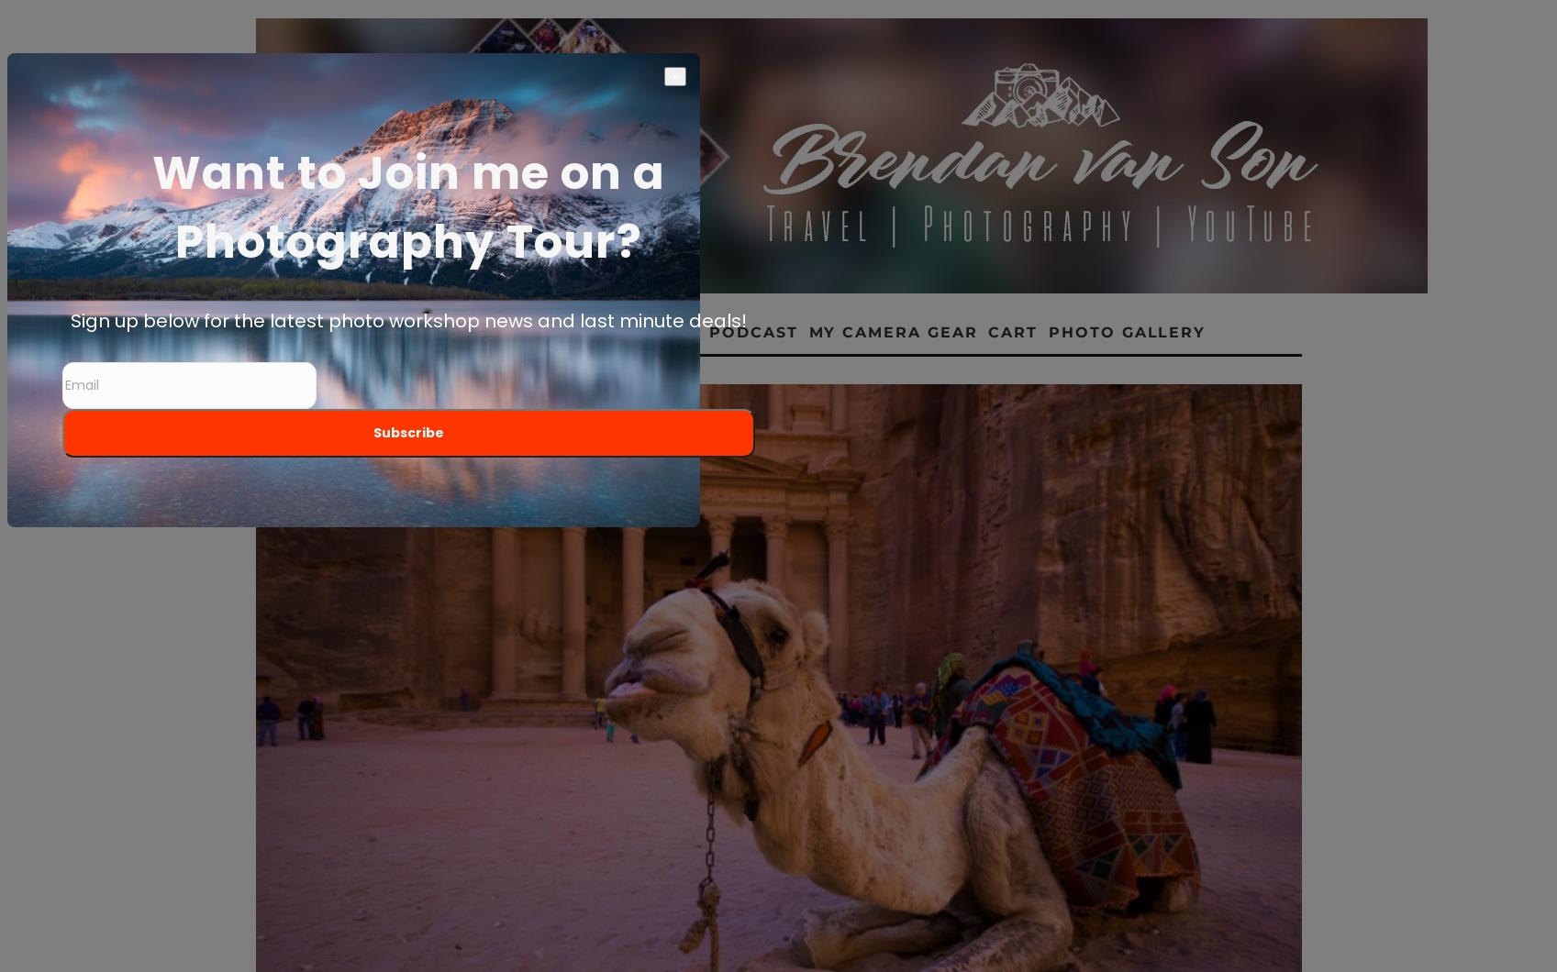 This screenshot has width=1557, height=972. I want to click on 'Photo Gallery', so click(1048, 332).